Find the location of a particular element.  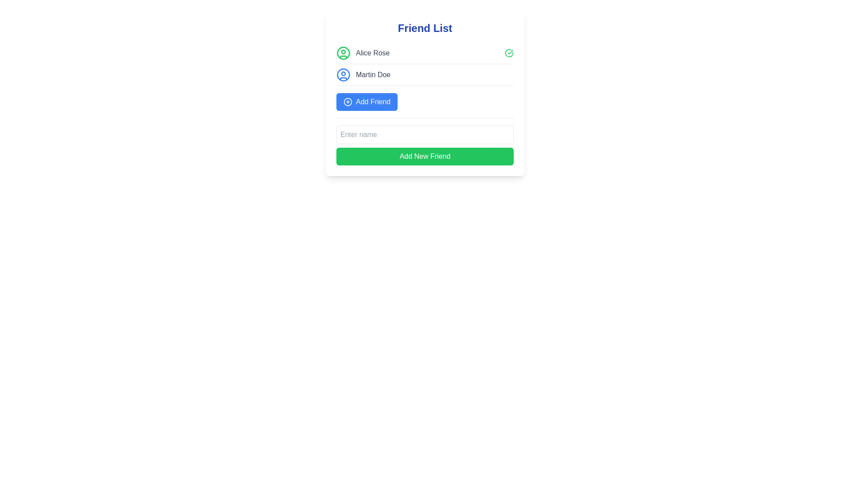

the circular user profile icon, which is styled in blue and green colors and positioned to the left of the text 'Alice Rose' in the 'Friend List' section is located at coordinates (343, 53).